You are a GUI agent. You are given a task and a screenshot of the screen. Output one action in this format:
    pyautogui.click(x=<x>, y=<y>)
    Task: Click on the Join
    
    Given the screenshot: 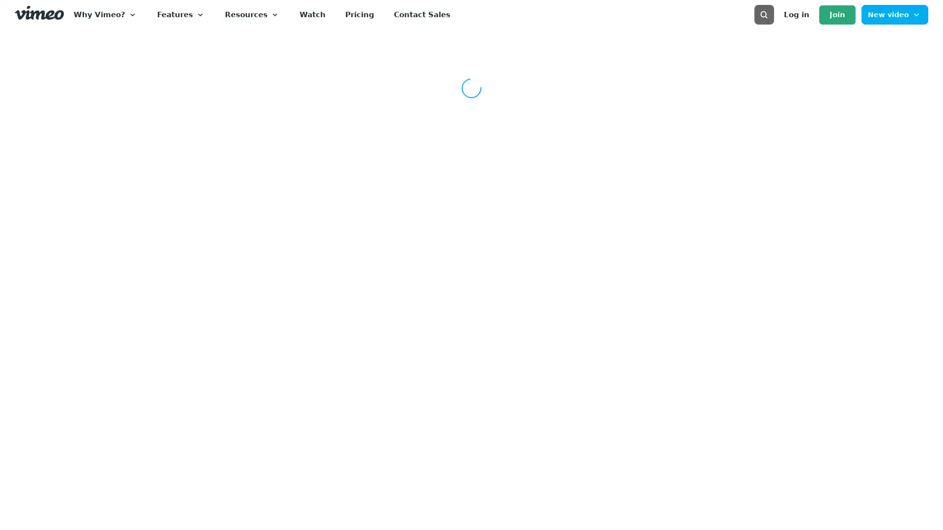 What is the action you would take?
    pyautogui.click(x=836, y=14)
    